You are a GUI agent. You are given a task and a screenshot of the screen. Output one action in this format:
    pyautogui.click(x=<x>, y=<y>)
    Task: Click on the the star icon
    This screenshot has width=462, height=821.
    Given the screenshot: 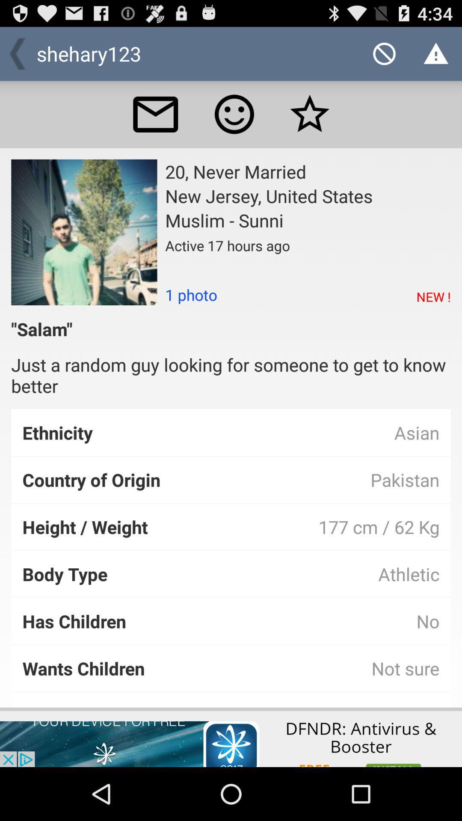 What is the action you would take?
    pyautogui.click(x=310, y=122)
    